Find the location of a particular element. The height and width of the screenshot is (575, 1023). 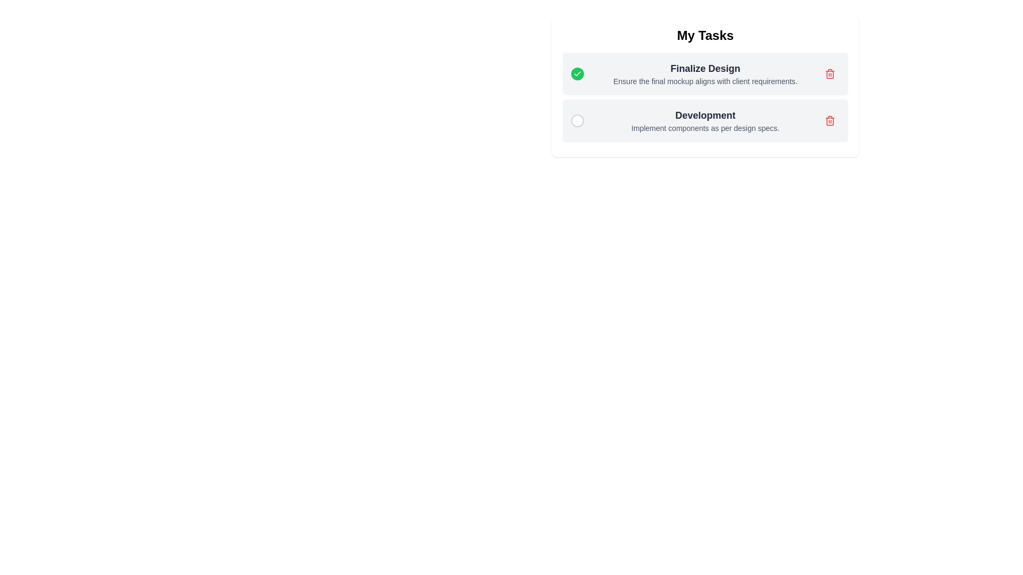

the task title to read its details is located at coordinates (705, 68).